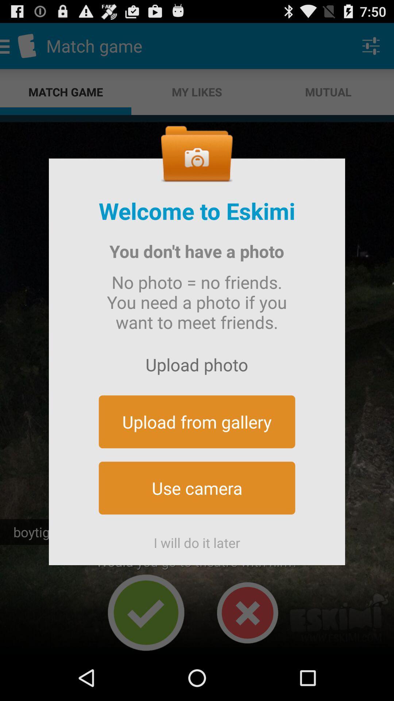 This screenshot has width=394, height=701. I want to click on the item below the use camera, so click(197, 540).